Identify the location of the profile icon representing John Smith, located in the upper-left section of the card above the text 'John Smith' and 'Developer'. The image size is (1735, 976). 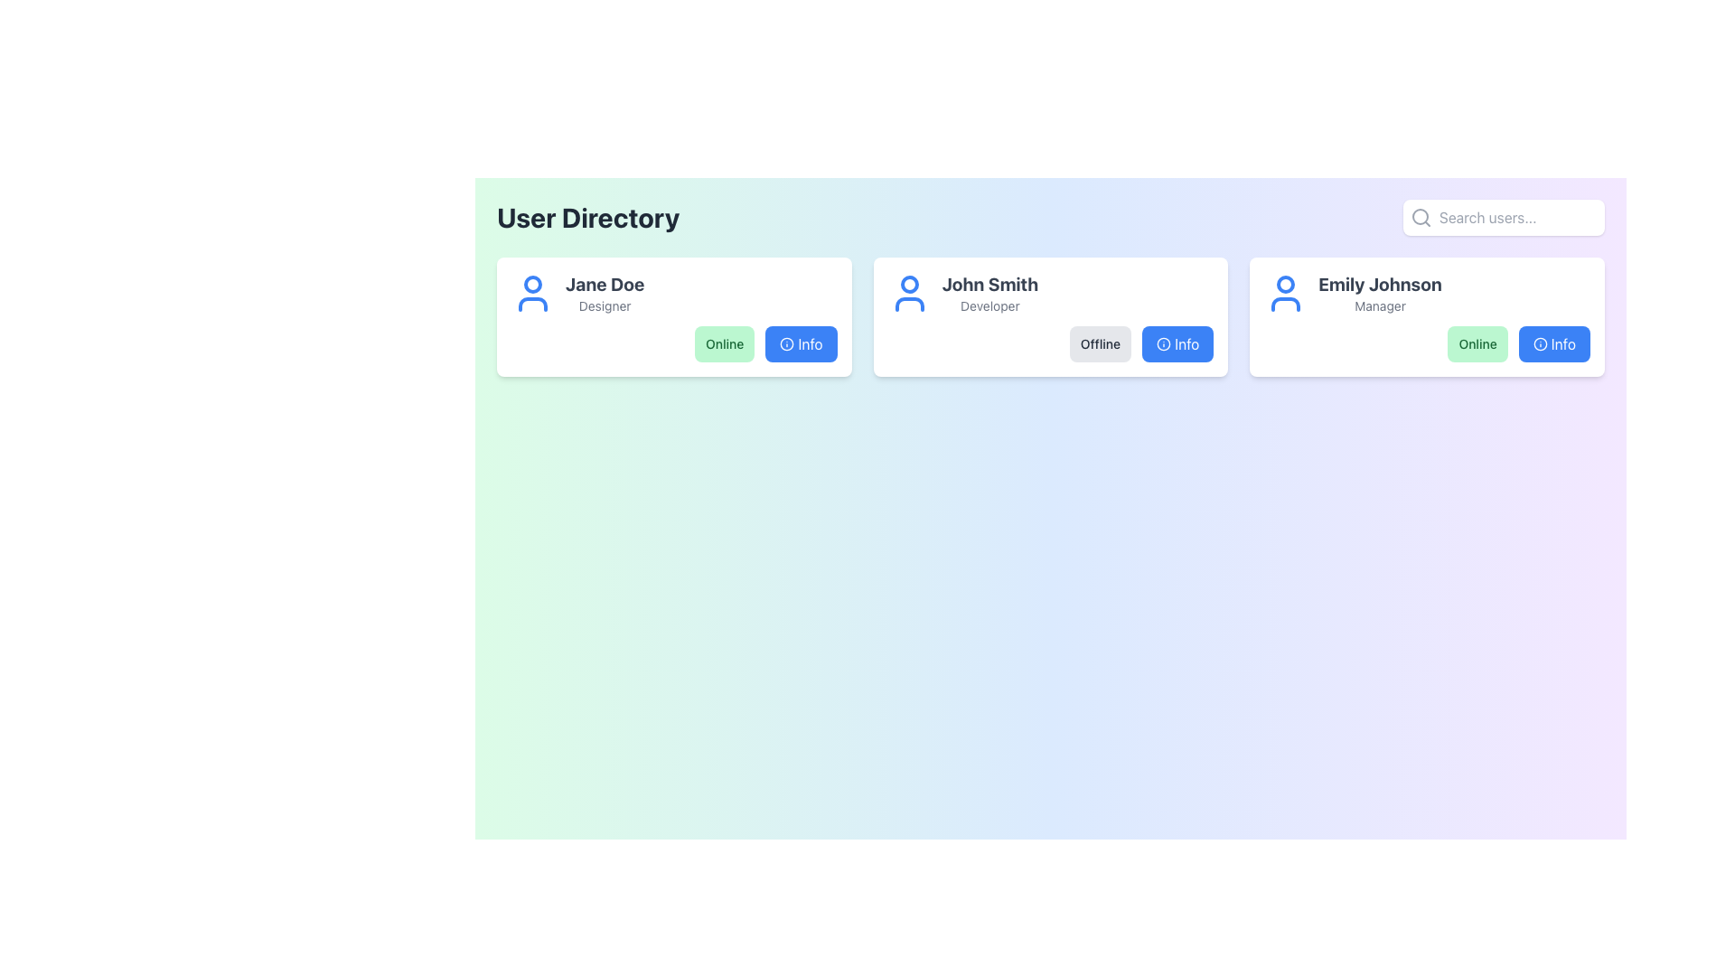
(909, 292).